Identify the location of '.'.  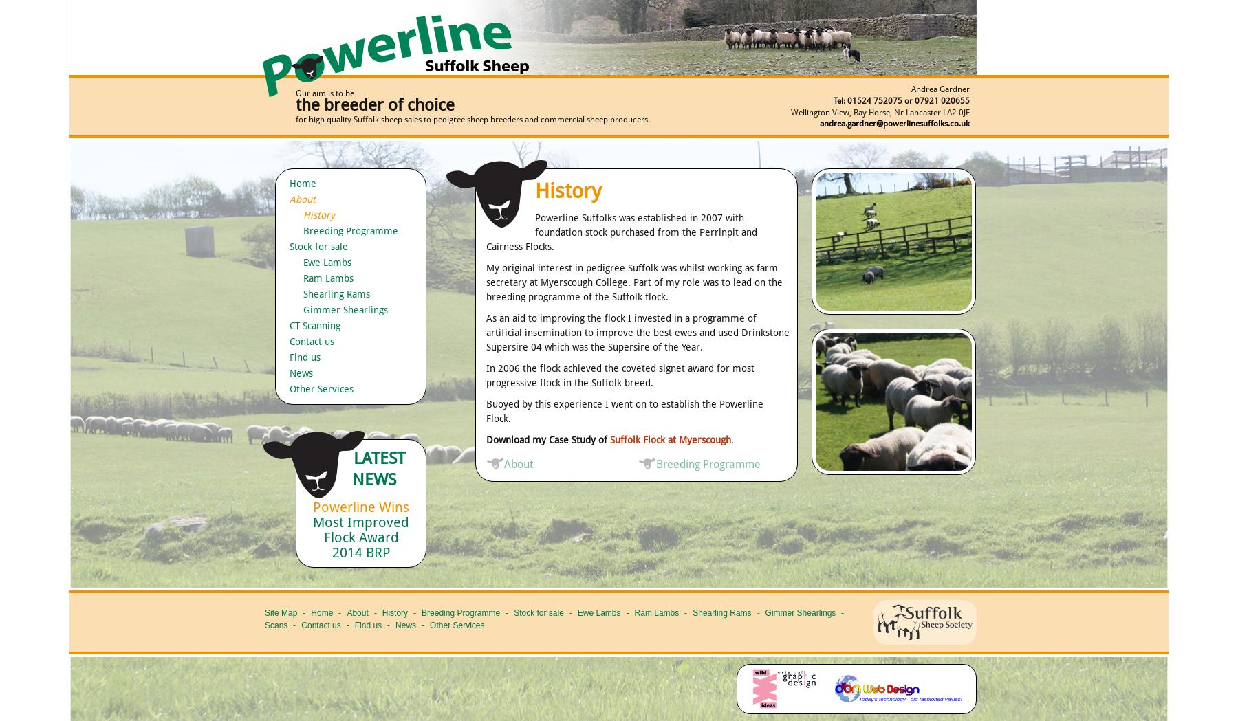
(732, 439).